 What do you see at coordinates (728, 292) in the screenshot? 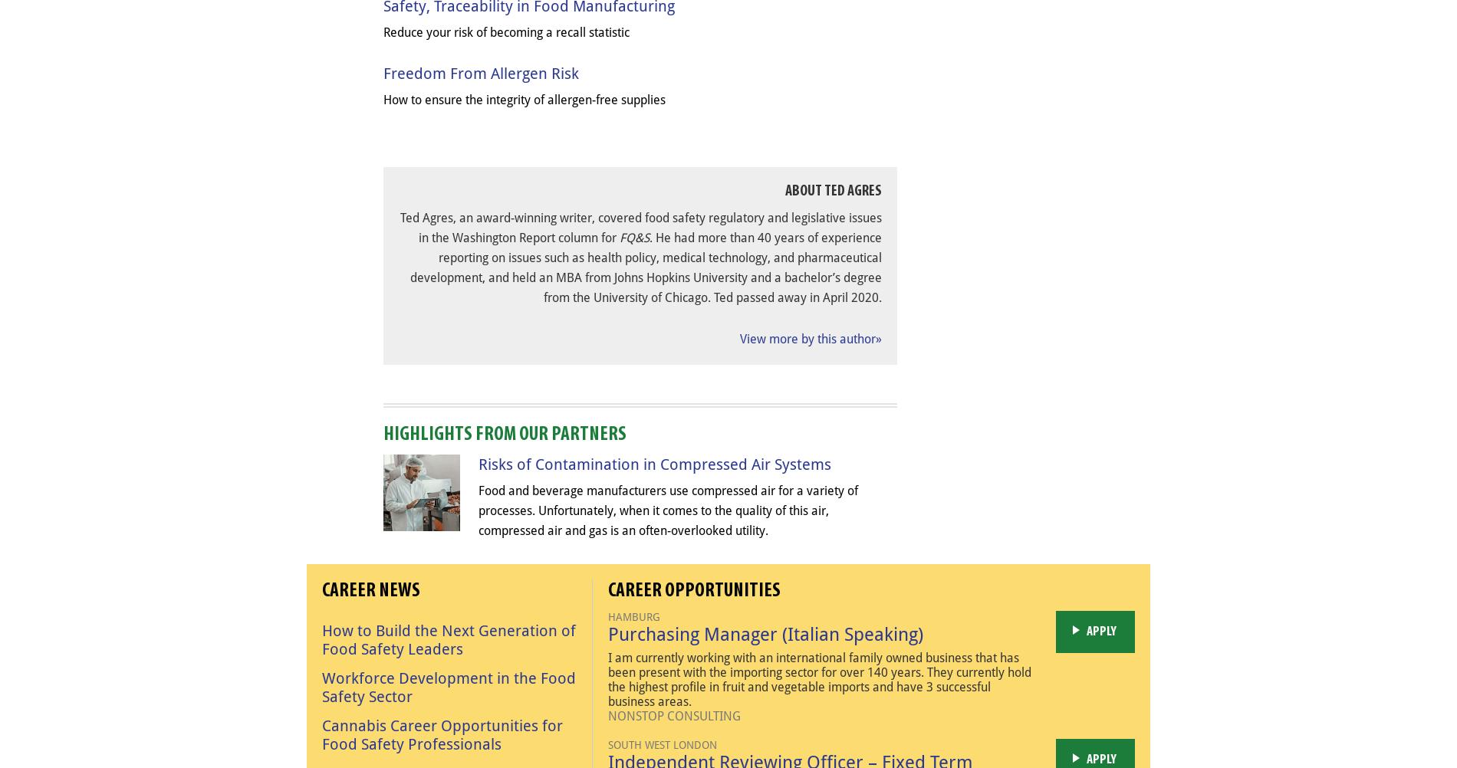
I see `'Sennett said in a statement.'` at bounding box center [728, 292].